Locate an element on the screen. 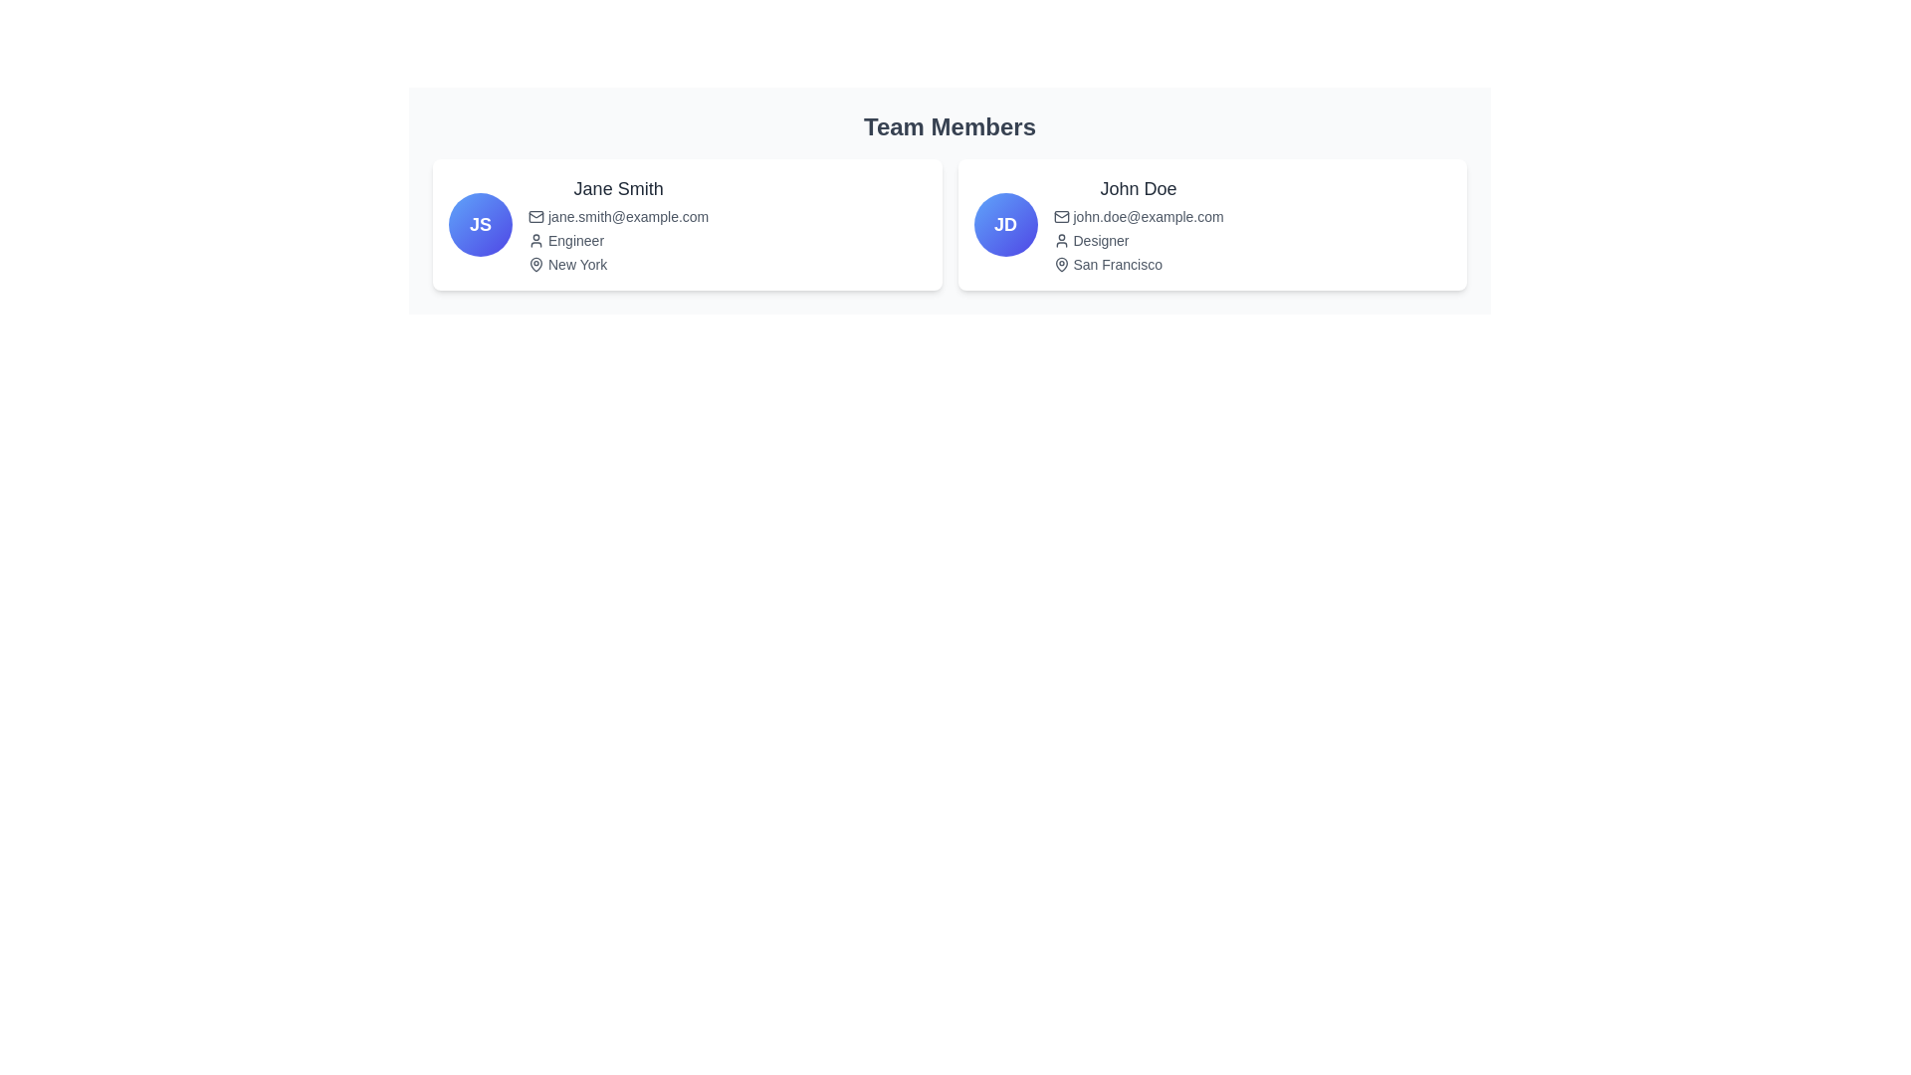  the circular badge containing the initials 'JS' is located at coordinates (481, 224).